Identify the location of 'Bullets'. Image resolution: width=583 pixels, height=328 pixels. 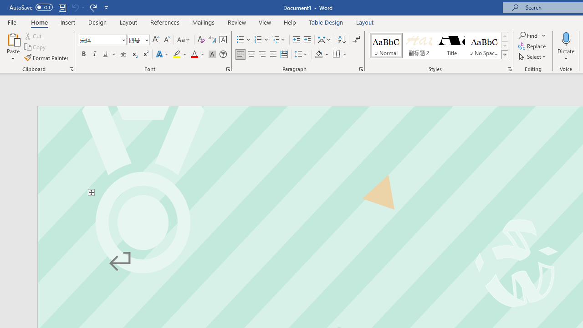
(240, 39).